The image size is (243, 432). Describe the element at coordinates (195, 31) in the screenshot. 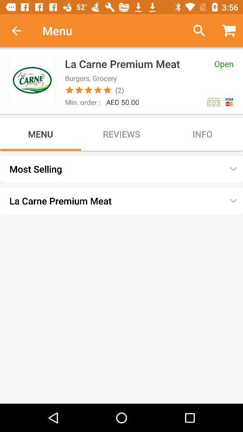

I see `perform a search` at that location.